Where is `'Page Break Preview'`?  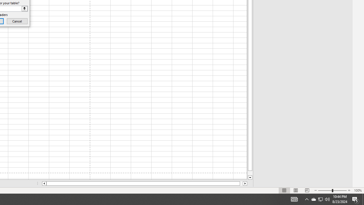
'Page Break Preview' is located at coordinates (307, 190).